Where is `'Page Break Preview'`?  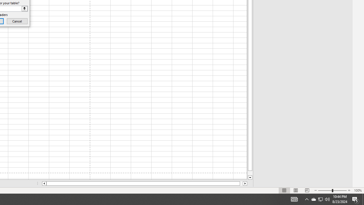
'Page Break Preview' is located at coordinates (307, 190).